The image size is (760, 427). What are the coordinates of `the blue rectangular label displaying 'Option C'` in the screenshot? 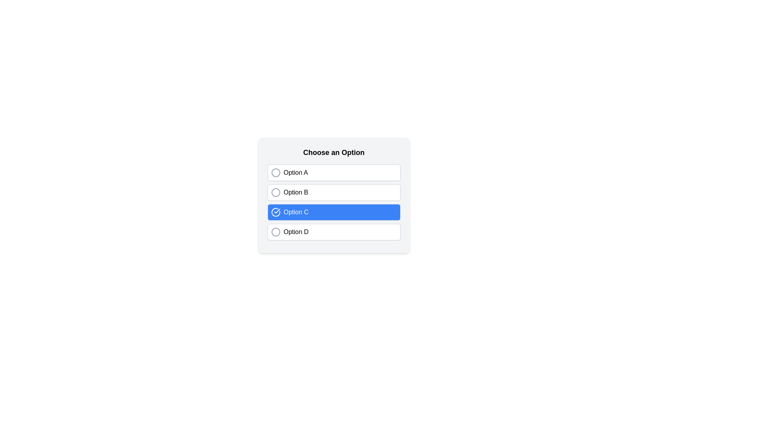 It's located at (296, 212).